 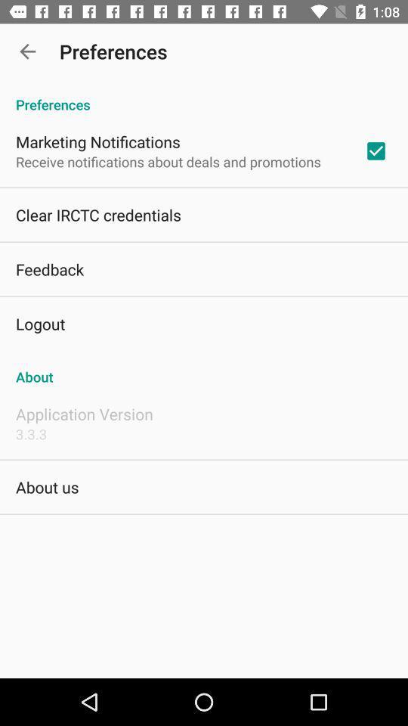 What do you see at coordinates (27, 51) in the screenshot?
I see `the item above the preferences icon` at bounding box center [27, 51].